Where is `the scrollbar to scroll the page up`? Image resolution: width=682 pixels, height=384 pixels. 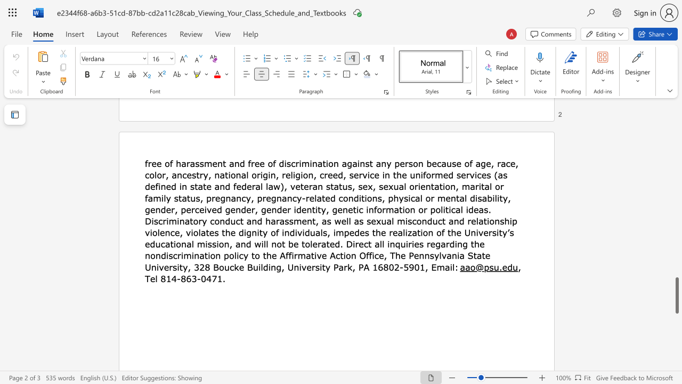 the scrollbar to scroll the page up is located at coordinates (676, 213).